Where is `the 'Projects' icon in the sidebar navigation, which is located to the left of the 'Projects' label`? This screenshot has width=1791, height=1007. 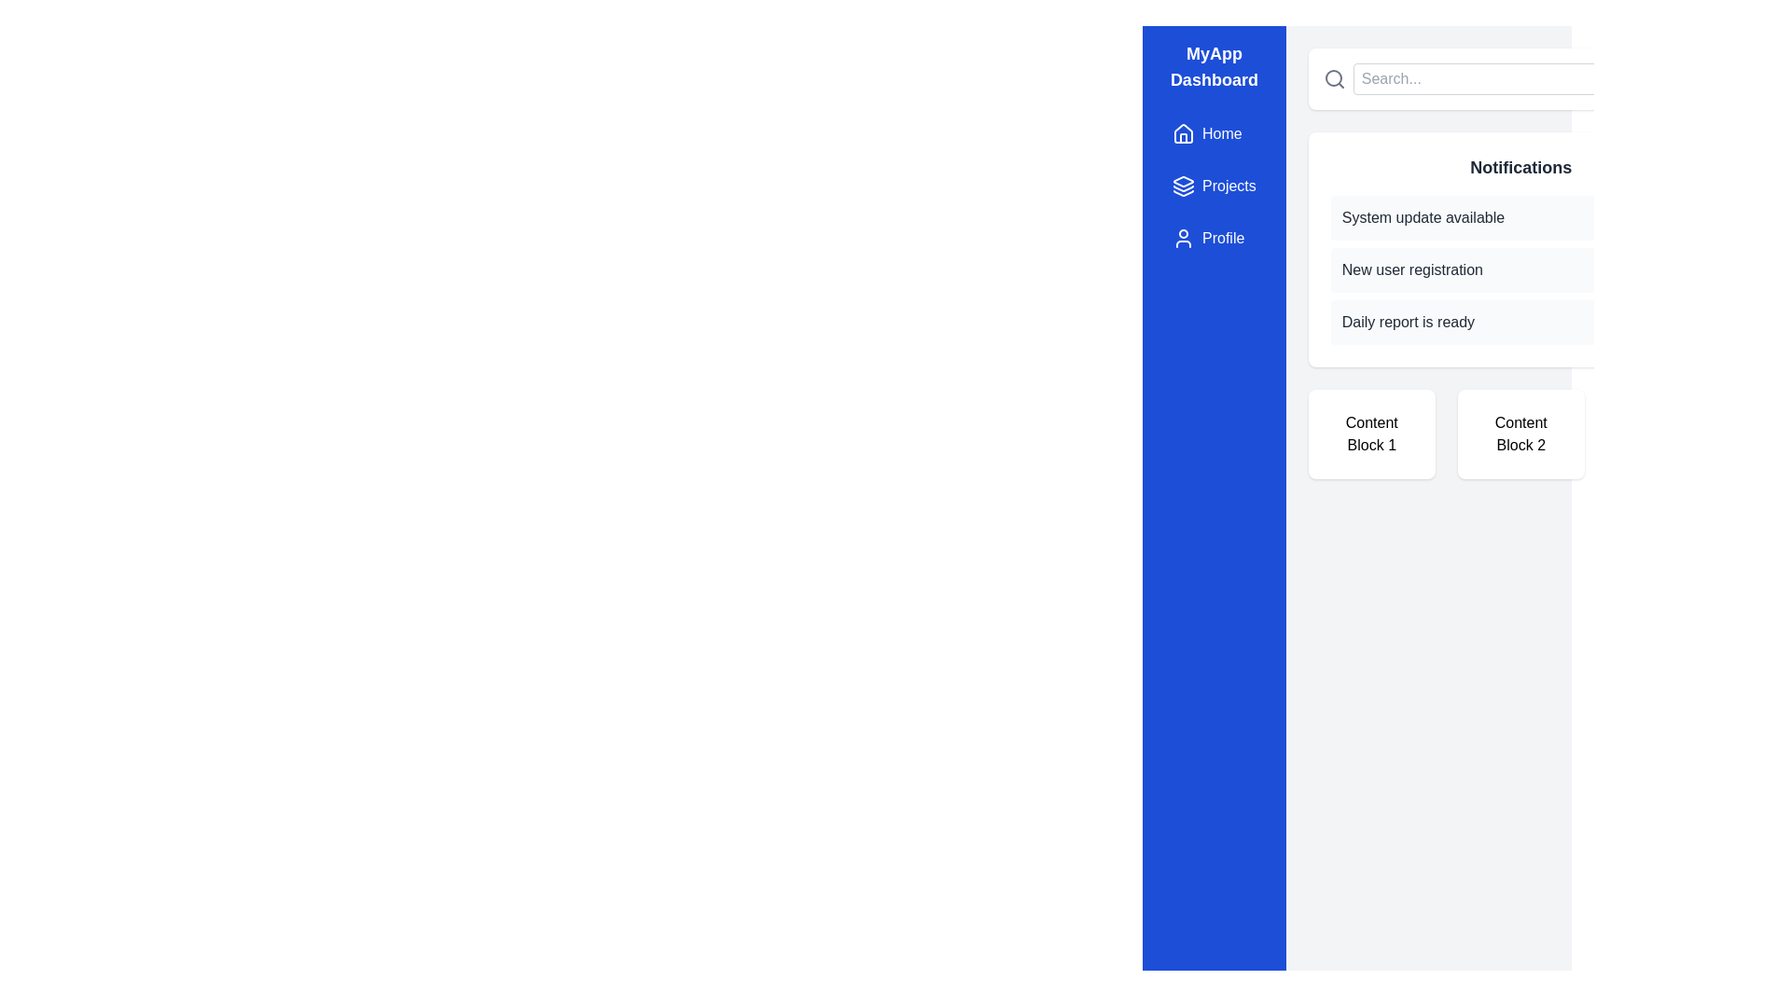
the 'Projects' icon in the sidebar navigation, which is located to the left of the 'Projects' label is located at coordinates (1182, 186).